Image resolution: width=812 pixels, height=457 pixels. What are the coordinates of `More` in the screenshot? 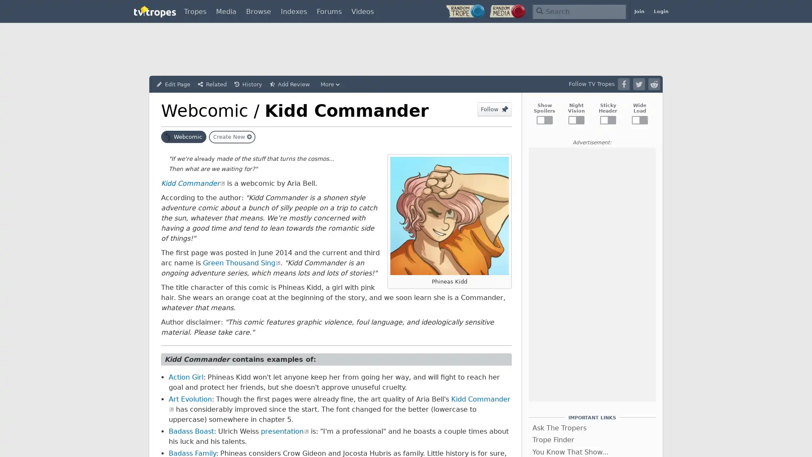 It's located at (331, 84).